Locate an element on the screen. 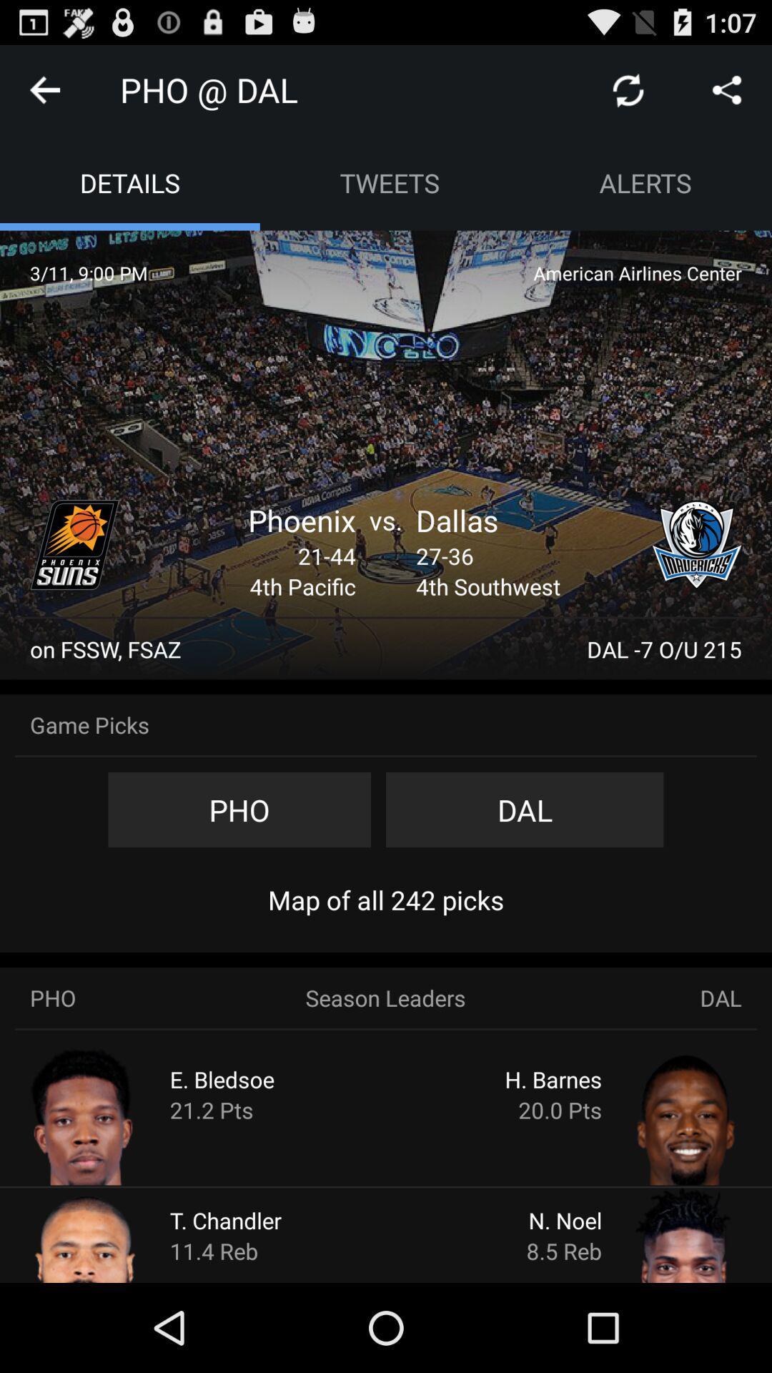 The image size is (772, 1373). player profile is located at coordinates (112, 1234).